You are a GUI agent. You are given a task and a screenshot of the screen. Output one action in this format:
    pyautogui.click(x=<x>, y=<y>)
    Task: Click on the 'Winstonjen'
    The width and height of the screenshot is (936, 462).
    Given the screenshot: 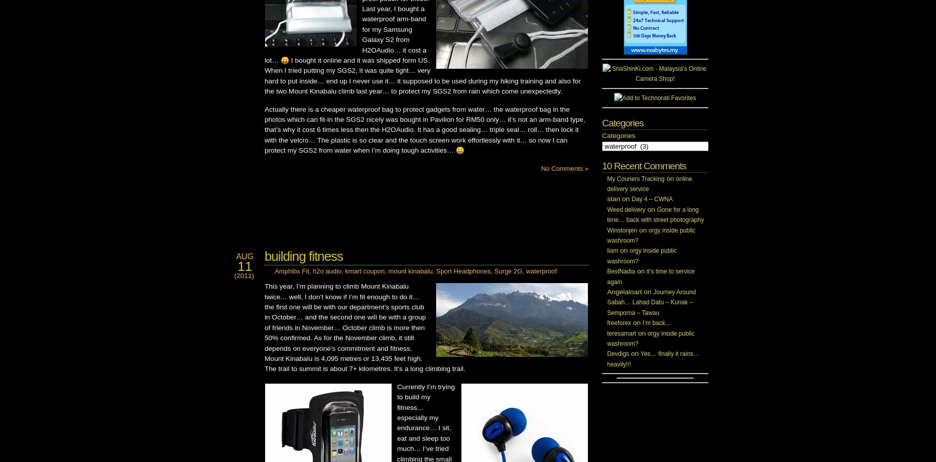 What is the action you would take?
    pyautogui.click(x=621, y=229)
    